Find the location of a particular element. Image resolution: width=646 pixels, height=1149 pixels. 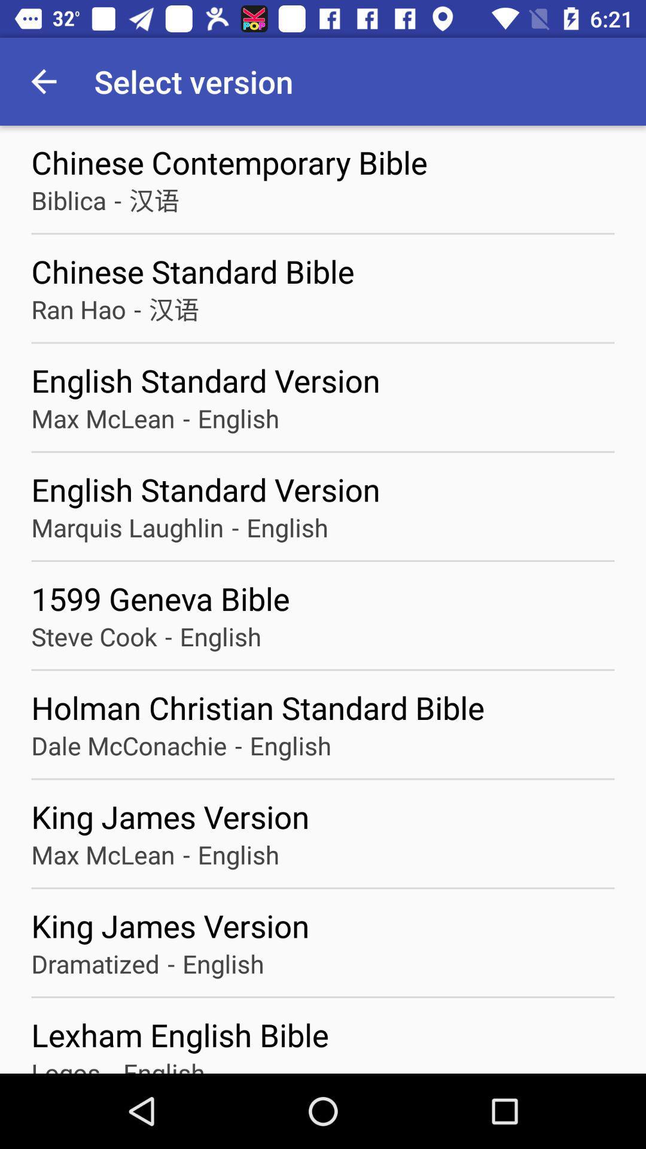

the icon above the king james version is located at coordinates (186, 854).